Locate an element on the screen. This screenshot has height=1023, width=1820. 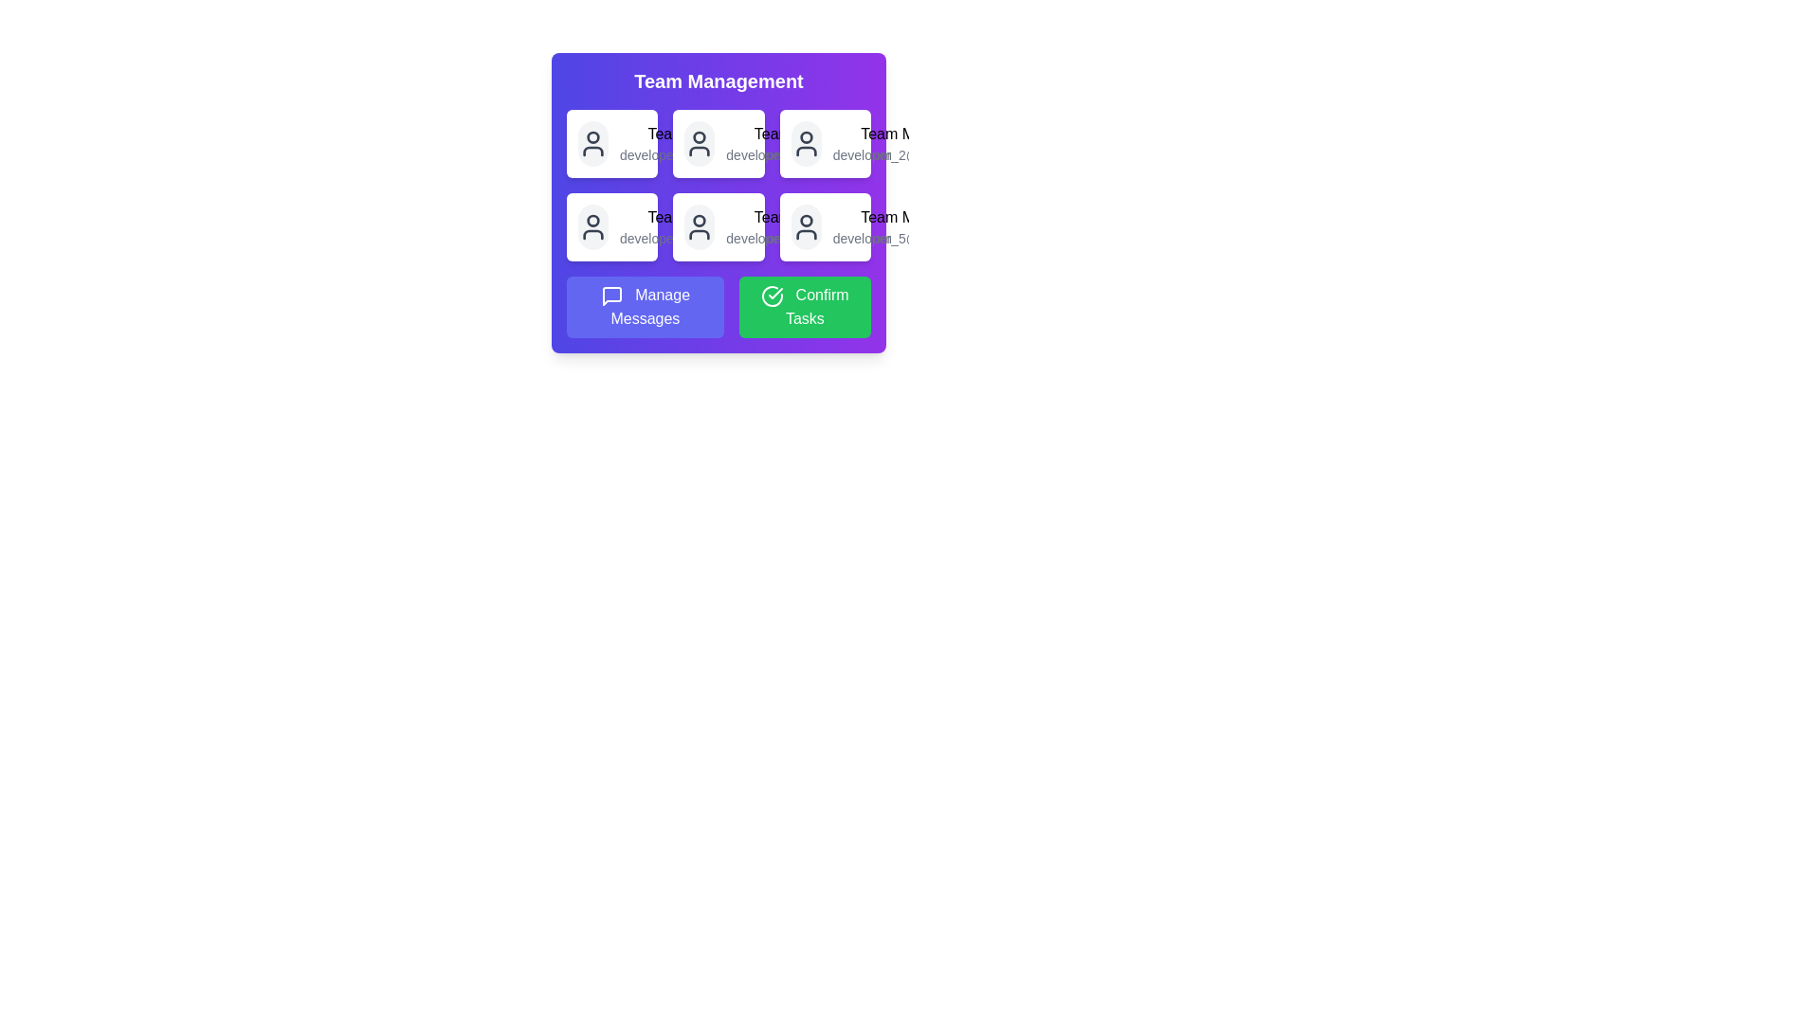
the circular avatar representation of the user, which has a light grey background and a person icon in the center is located at coordinates (699, 225).